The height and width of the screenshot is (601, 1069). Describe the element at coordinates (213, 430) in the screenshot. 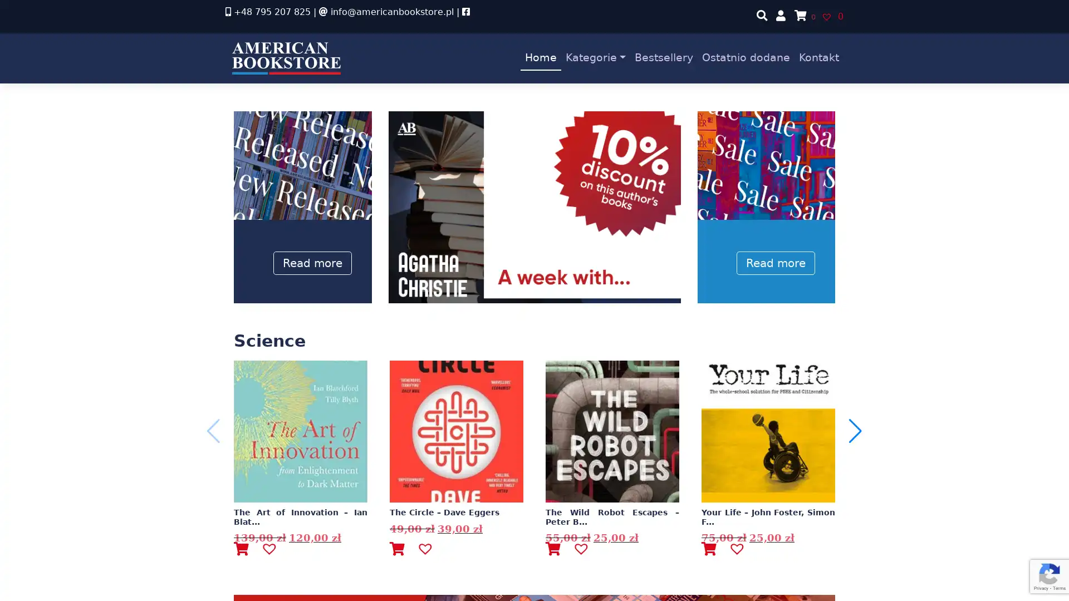

I see `Previous slide` at that location.